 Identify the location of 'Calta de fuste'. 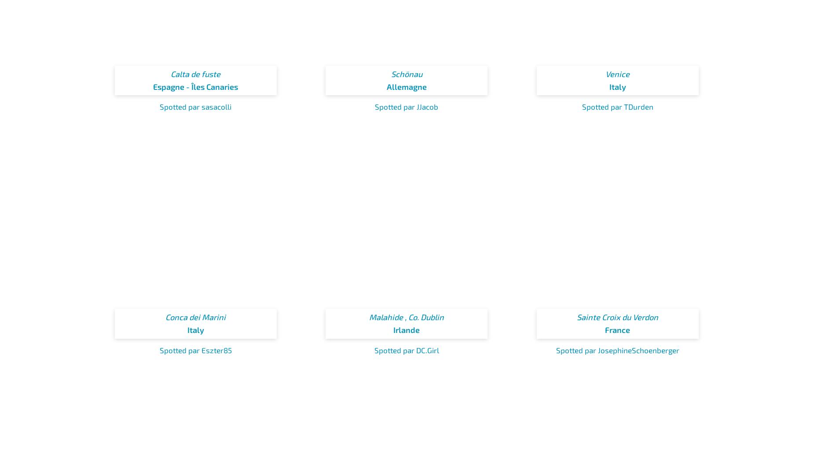
(170, 74).